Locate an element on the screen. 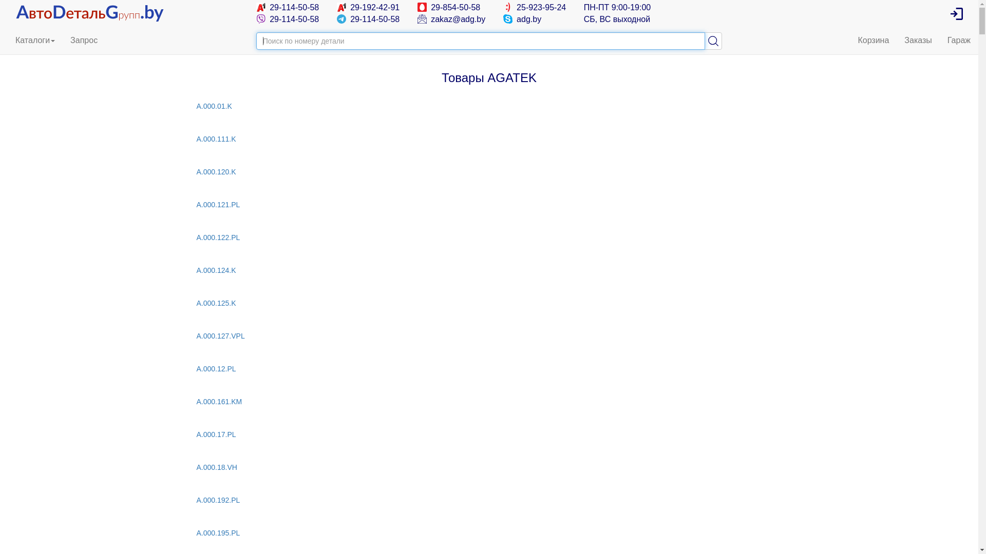  'A.000.17.PL' is located at coordinates (488, 434).